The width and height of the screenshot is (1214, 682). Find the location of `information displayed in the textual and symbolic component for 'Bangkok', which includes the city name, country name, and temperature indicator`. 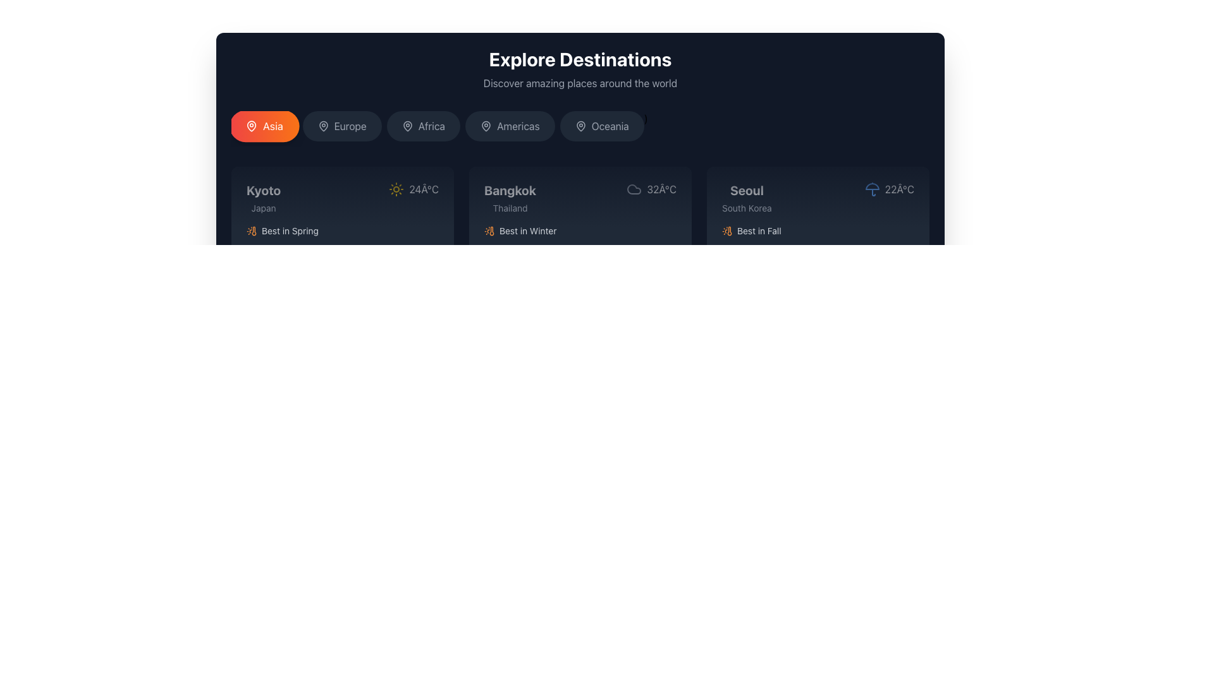

information displayed in the textual and symbolic component for 'Bangkok', which includes the city name, country name, and temperature indicator is located at coordinates (579, 198).